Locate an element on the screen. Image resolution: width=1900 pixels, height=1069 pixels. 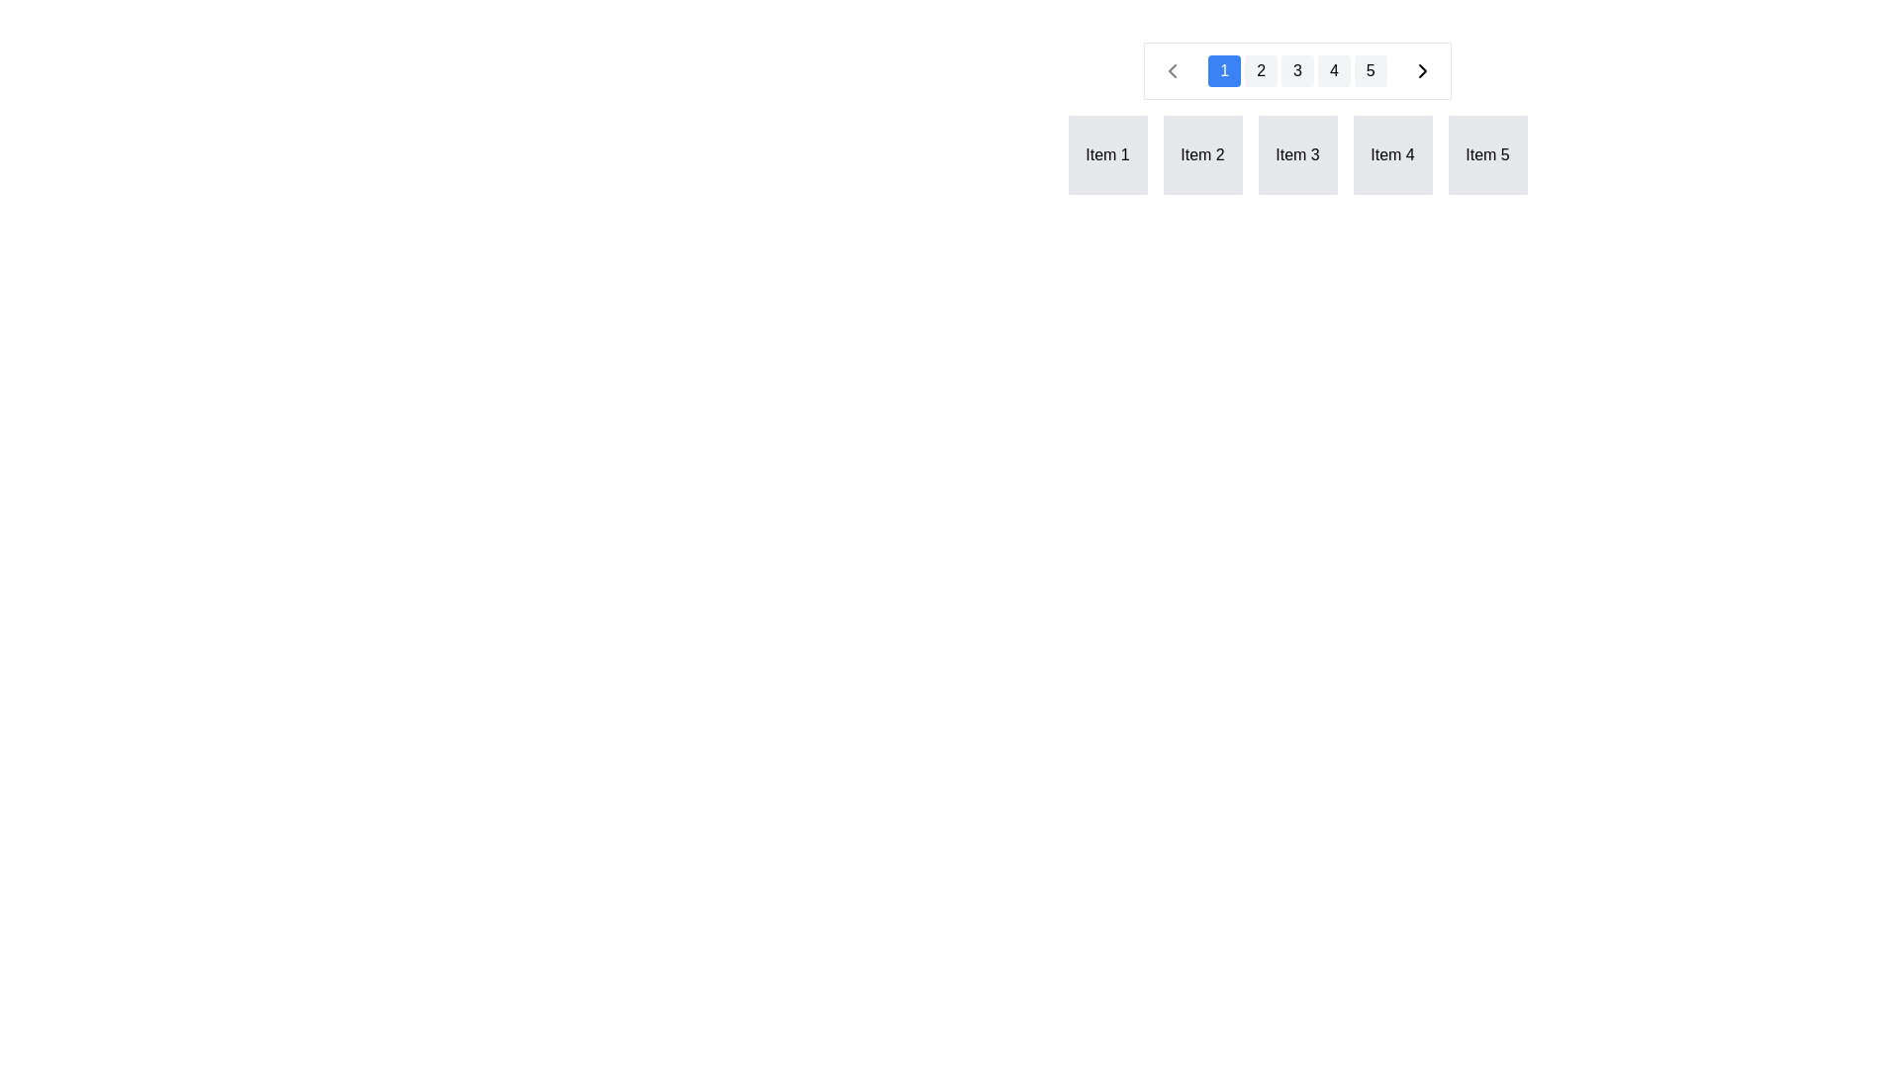
the third pagination button is located at coordinates (1297, 70).